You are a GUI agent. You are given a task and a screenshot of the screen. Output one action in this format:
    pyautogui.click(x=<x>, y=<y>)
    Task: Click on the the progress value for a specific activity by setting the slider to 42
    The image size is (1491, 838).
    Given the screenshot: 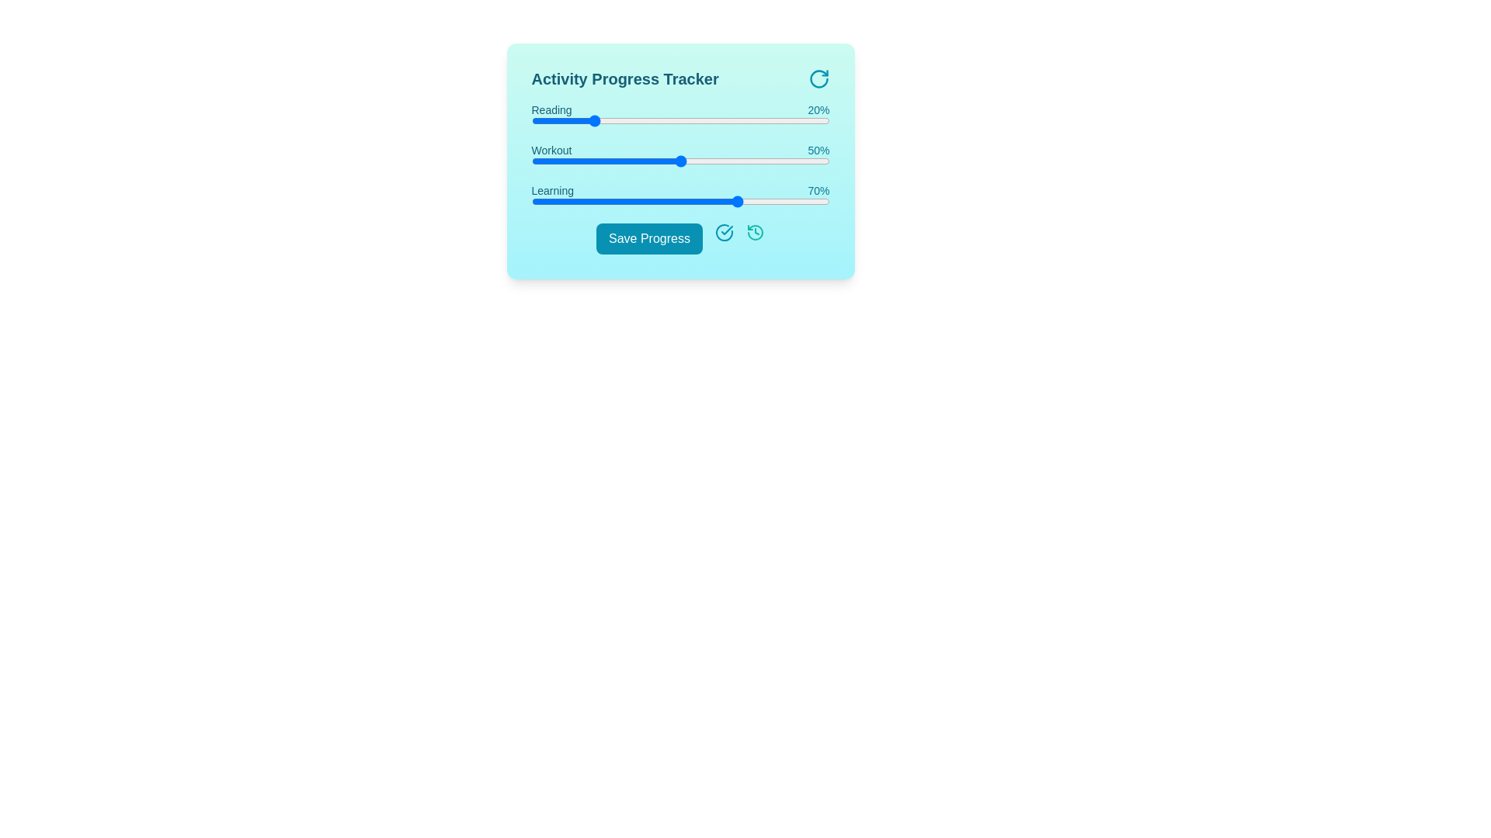 What is the action you would take?
    pyautogui.click(x=656, y=119)
    